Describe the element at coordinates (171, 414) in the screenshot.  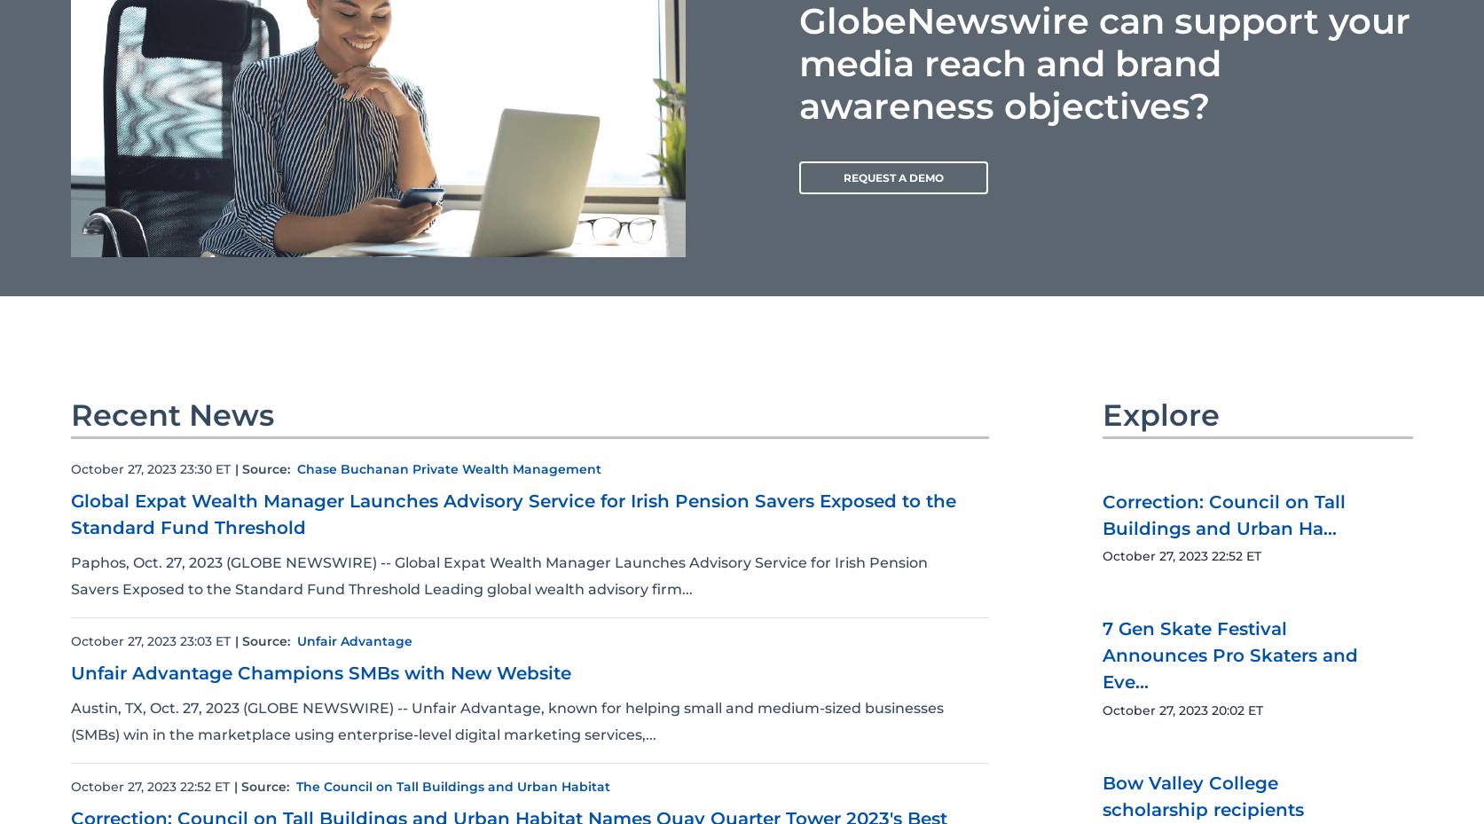
I see `'Recent News'` at that location.